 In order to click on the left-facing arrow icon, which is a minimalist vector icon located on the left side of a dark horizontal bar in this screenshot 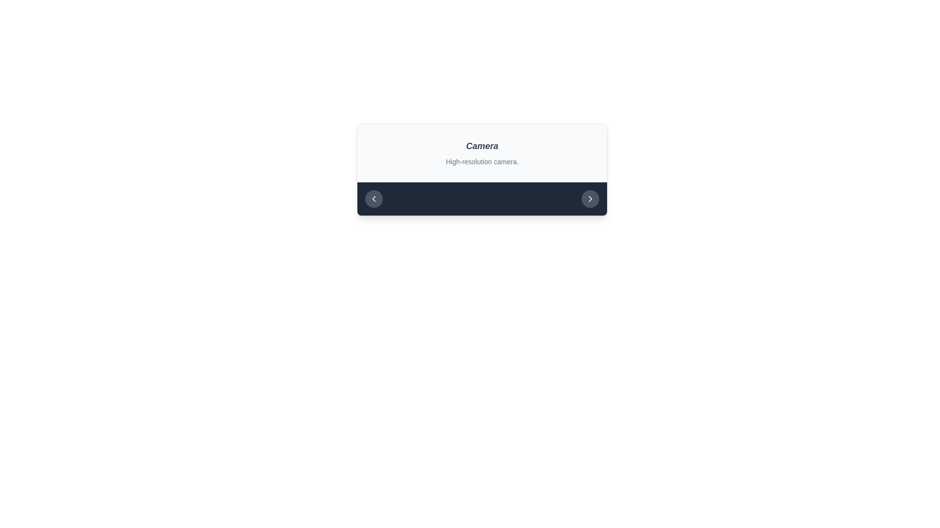, I will do `click(373, 198)`.